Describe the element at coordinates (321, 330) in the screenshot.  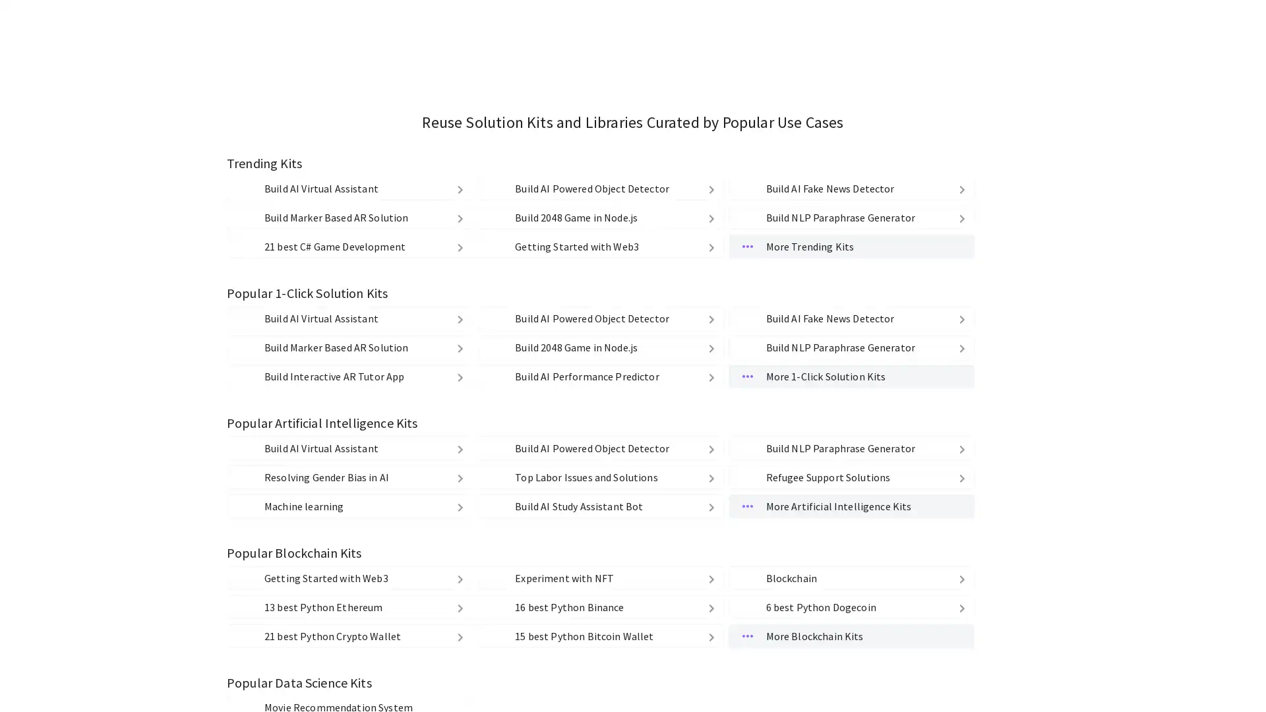
I see `Java Java` at that location.